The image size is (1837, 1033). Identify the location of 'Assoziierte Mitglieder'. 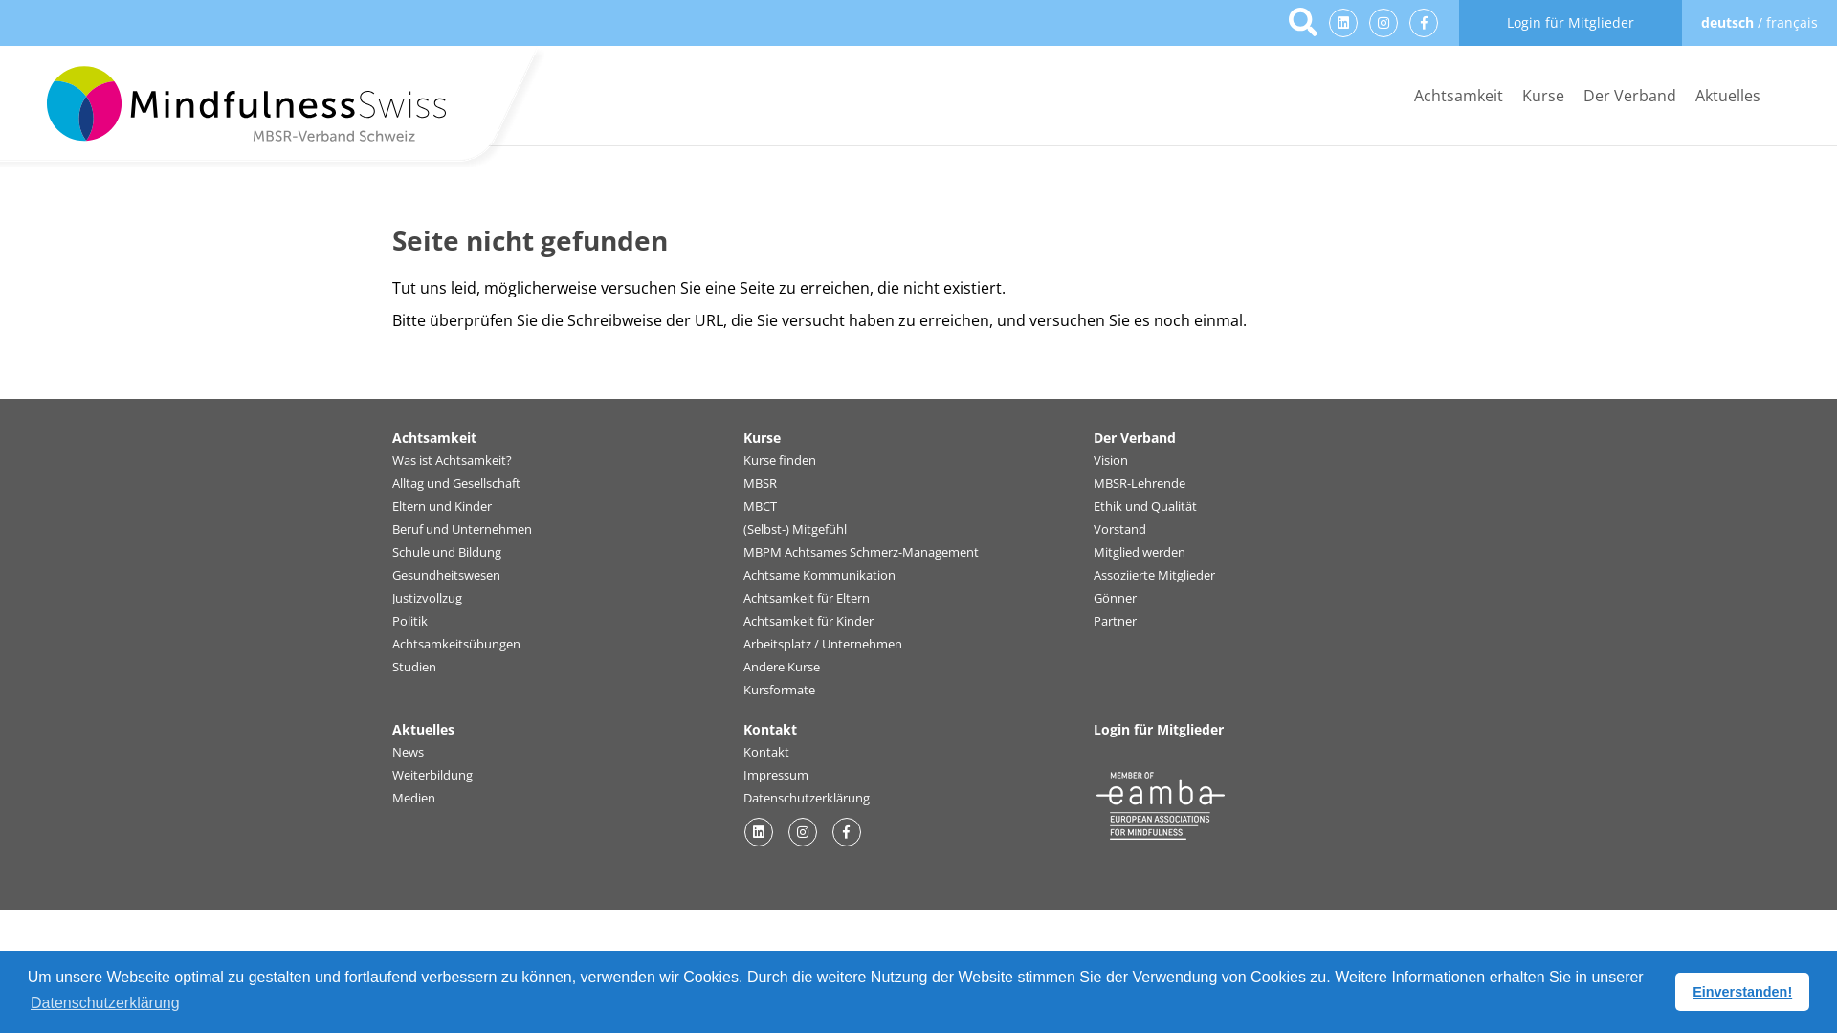
(1093, 574).